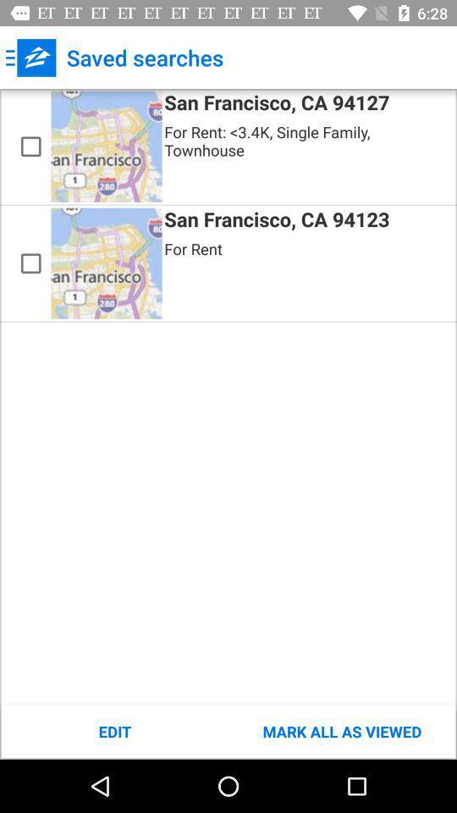 Image resolution: width=457 pixels, height=813 pixels. Describe the element at coordinates (114, 731) in the screenshot. I see `the icon to the left of the mark all as icon` at that location.